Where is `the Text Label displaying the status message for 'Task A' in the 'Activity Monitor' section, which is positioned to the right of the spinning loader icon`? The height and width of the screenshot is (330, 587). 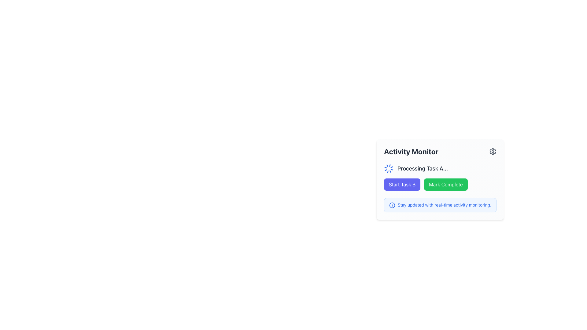 the Text Label displaying the status message for 'Task A' in the 'Activity Monitor' section, which is positioned to the right of the spinning loader icon is located at coordinates (422, 168).